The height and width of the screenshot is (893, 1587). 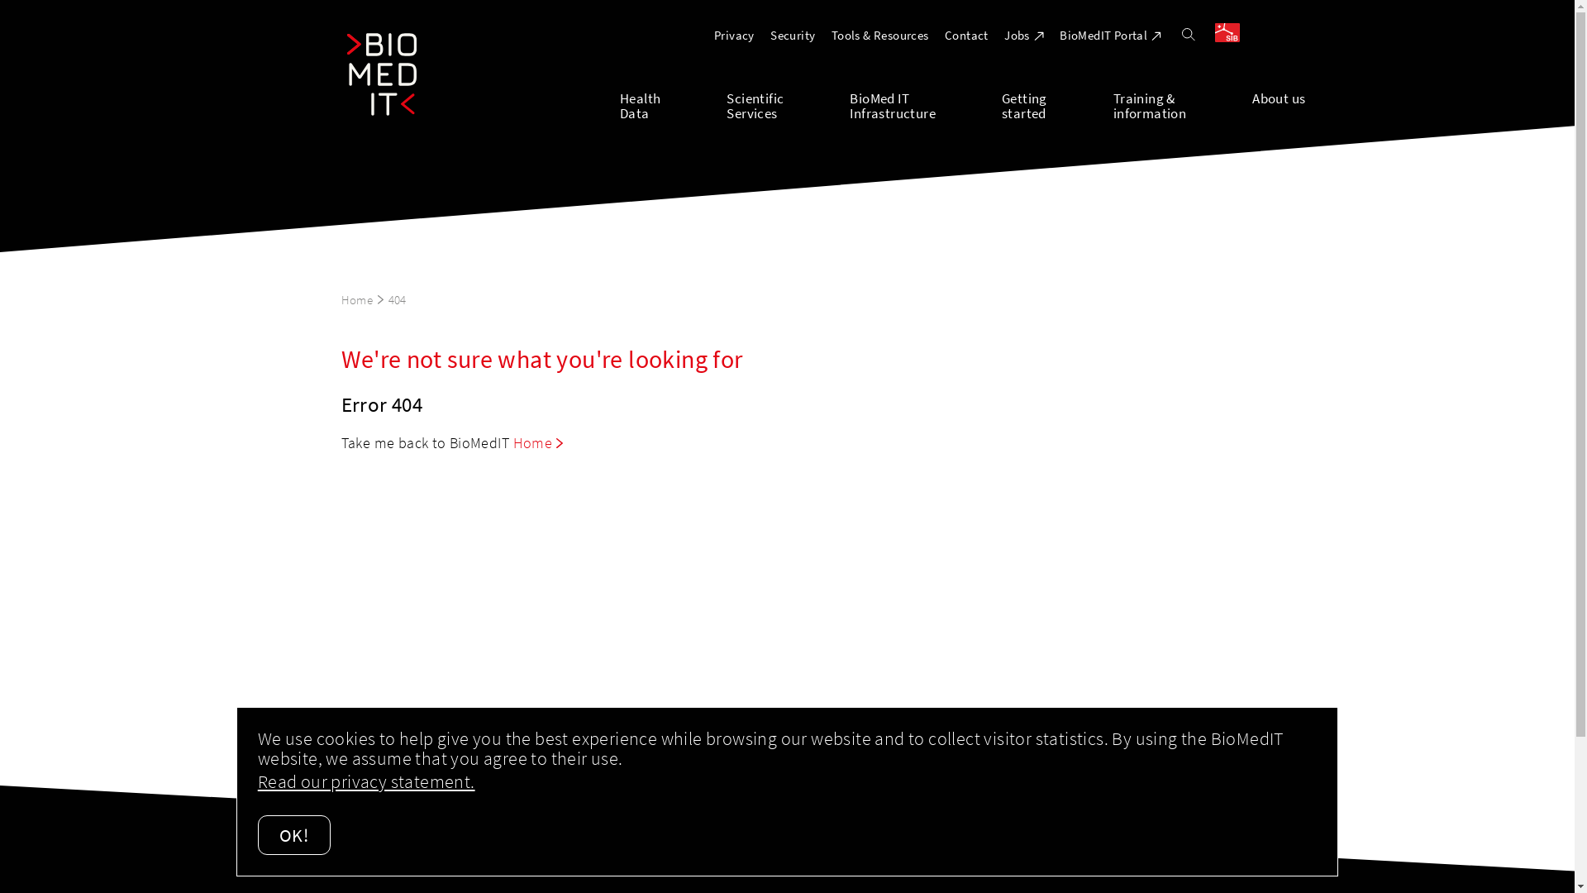 I want to click on 'Scientific Services', so click(x=787, y=104).